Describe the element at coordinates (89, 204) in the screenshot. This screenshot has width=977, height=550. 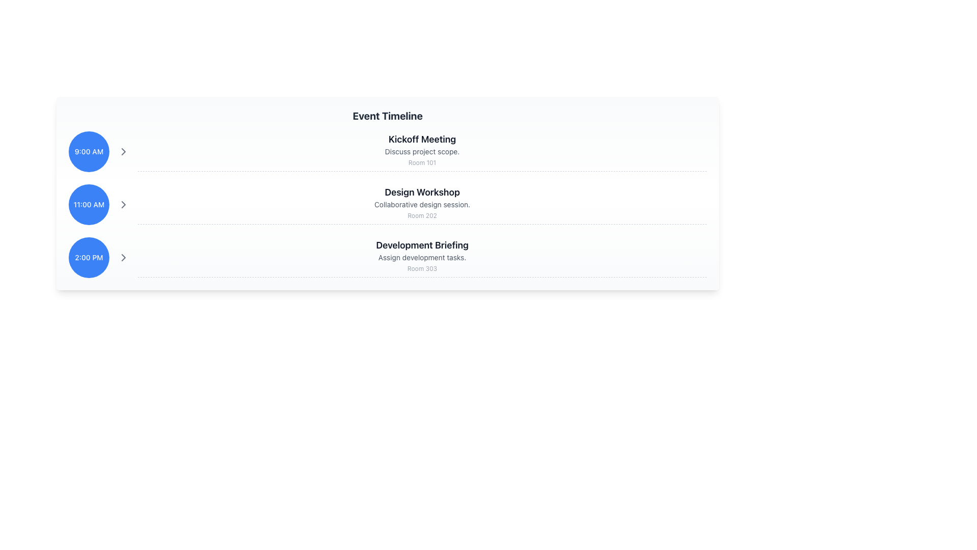
I see `time text '11:00 AM' displayed in a medium-sized font within a blue circular background, located as the second item in a vertical list of time entries` at that location.